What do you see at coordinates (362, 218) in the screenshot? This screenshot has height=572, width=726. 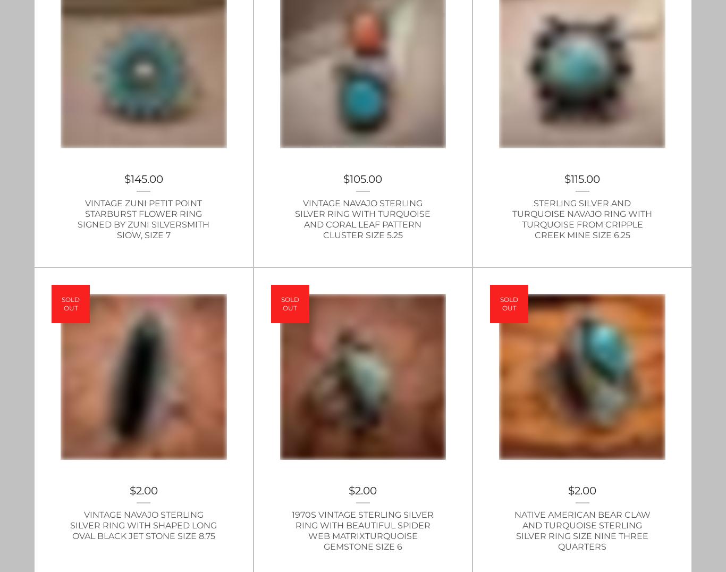 I see `'Vintage Navajo Sterling Silver Ring with Turquoise and Coral leaf pattern cluster size 5.25'` at bounding box center [362, 218].